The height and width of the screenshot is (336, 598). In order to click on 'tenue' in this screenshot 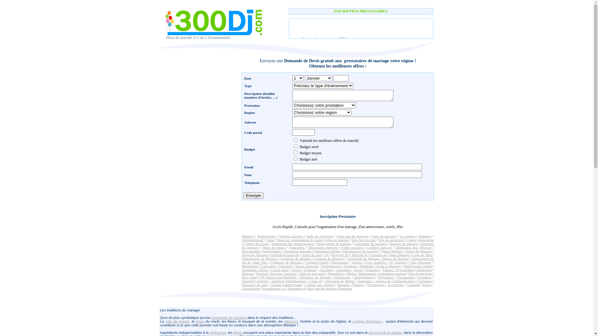, I will do `click(200, 321)`.